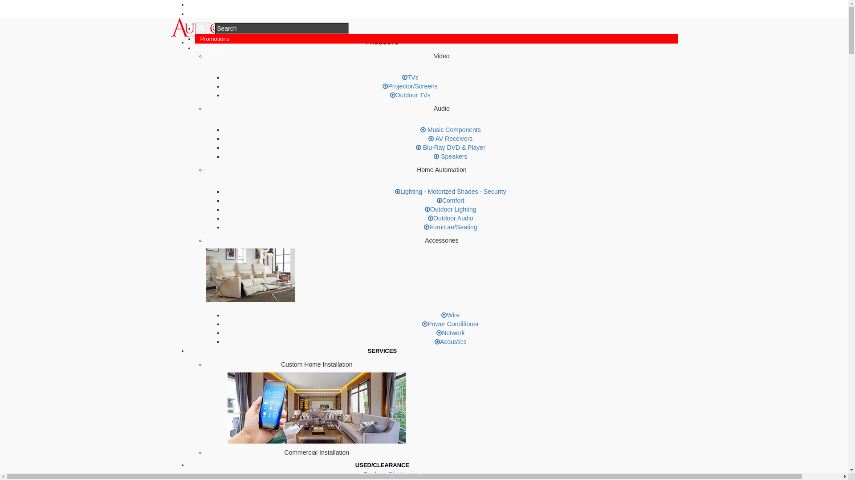 The image size is (855, 480). What do you see at coordinates (451, 209) in the screenshot?
I see `'Outdoor Lighting'` at bounding box center [451, 209].